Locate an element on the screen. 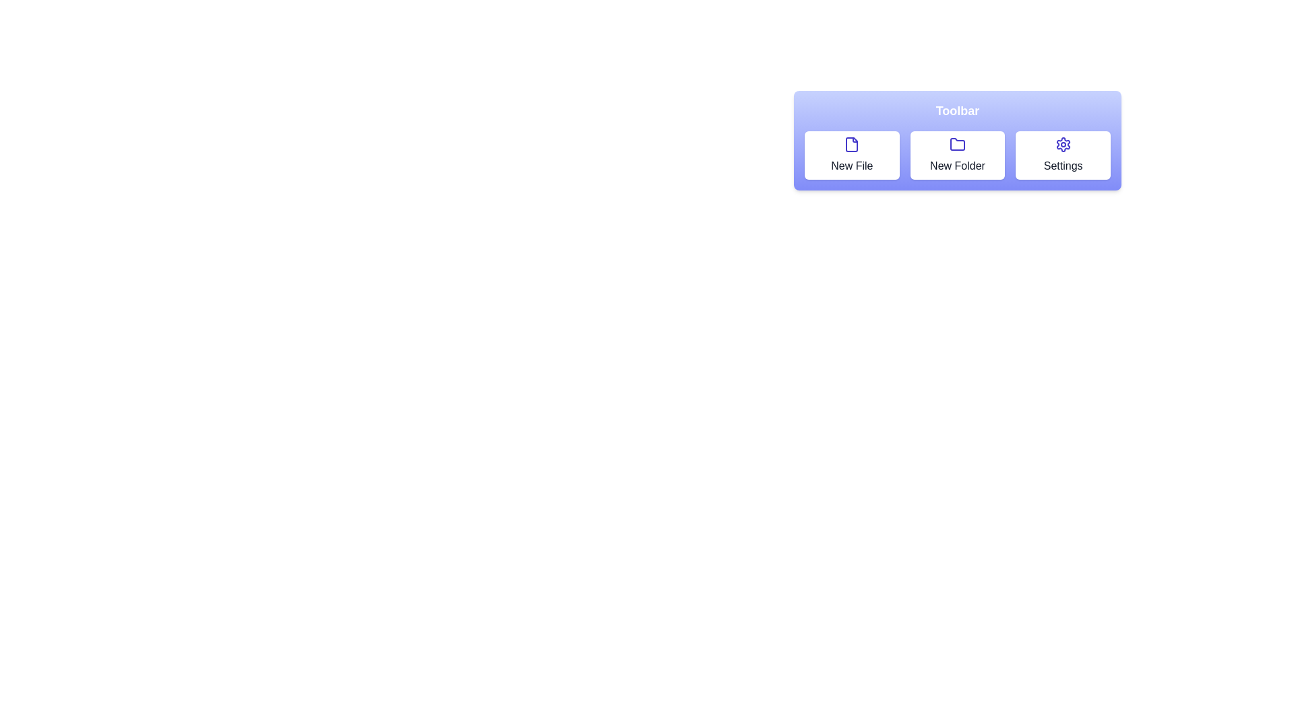  the 'New File' button located at the leftmost position in the toolbar is located at coordinates (851, 155).